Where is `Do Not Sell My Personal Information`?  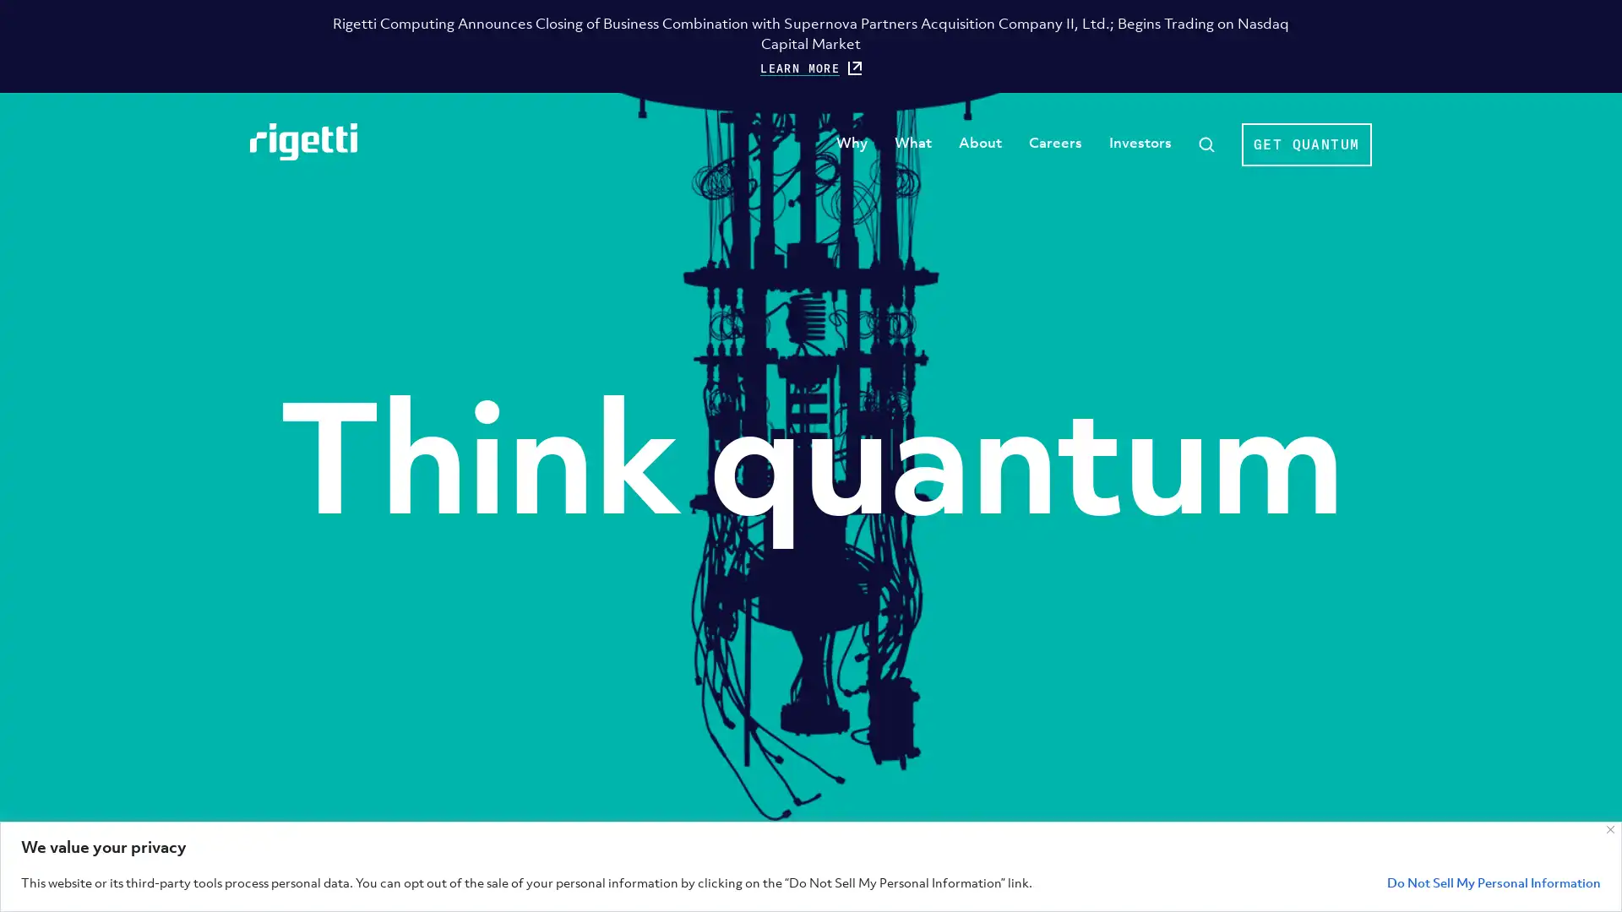 Do Not Sell My Personal Information is located at coordinates (1494, 881).